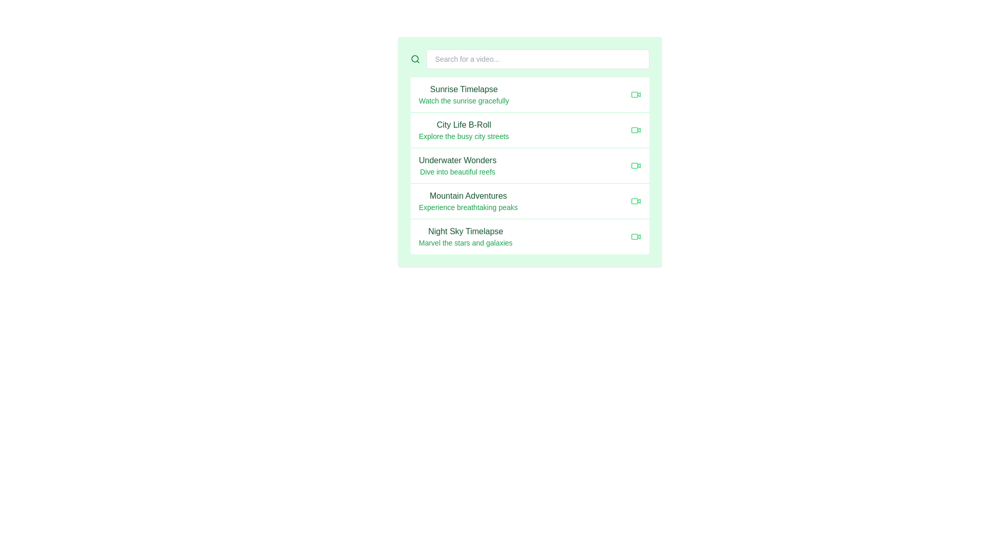  I want to click on the video camera icon with a green outline located directly to the right of the 'Sunrise Timelapse' text, so click(636, 95).